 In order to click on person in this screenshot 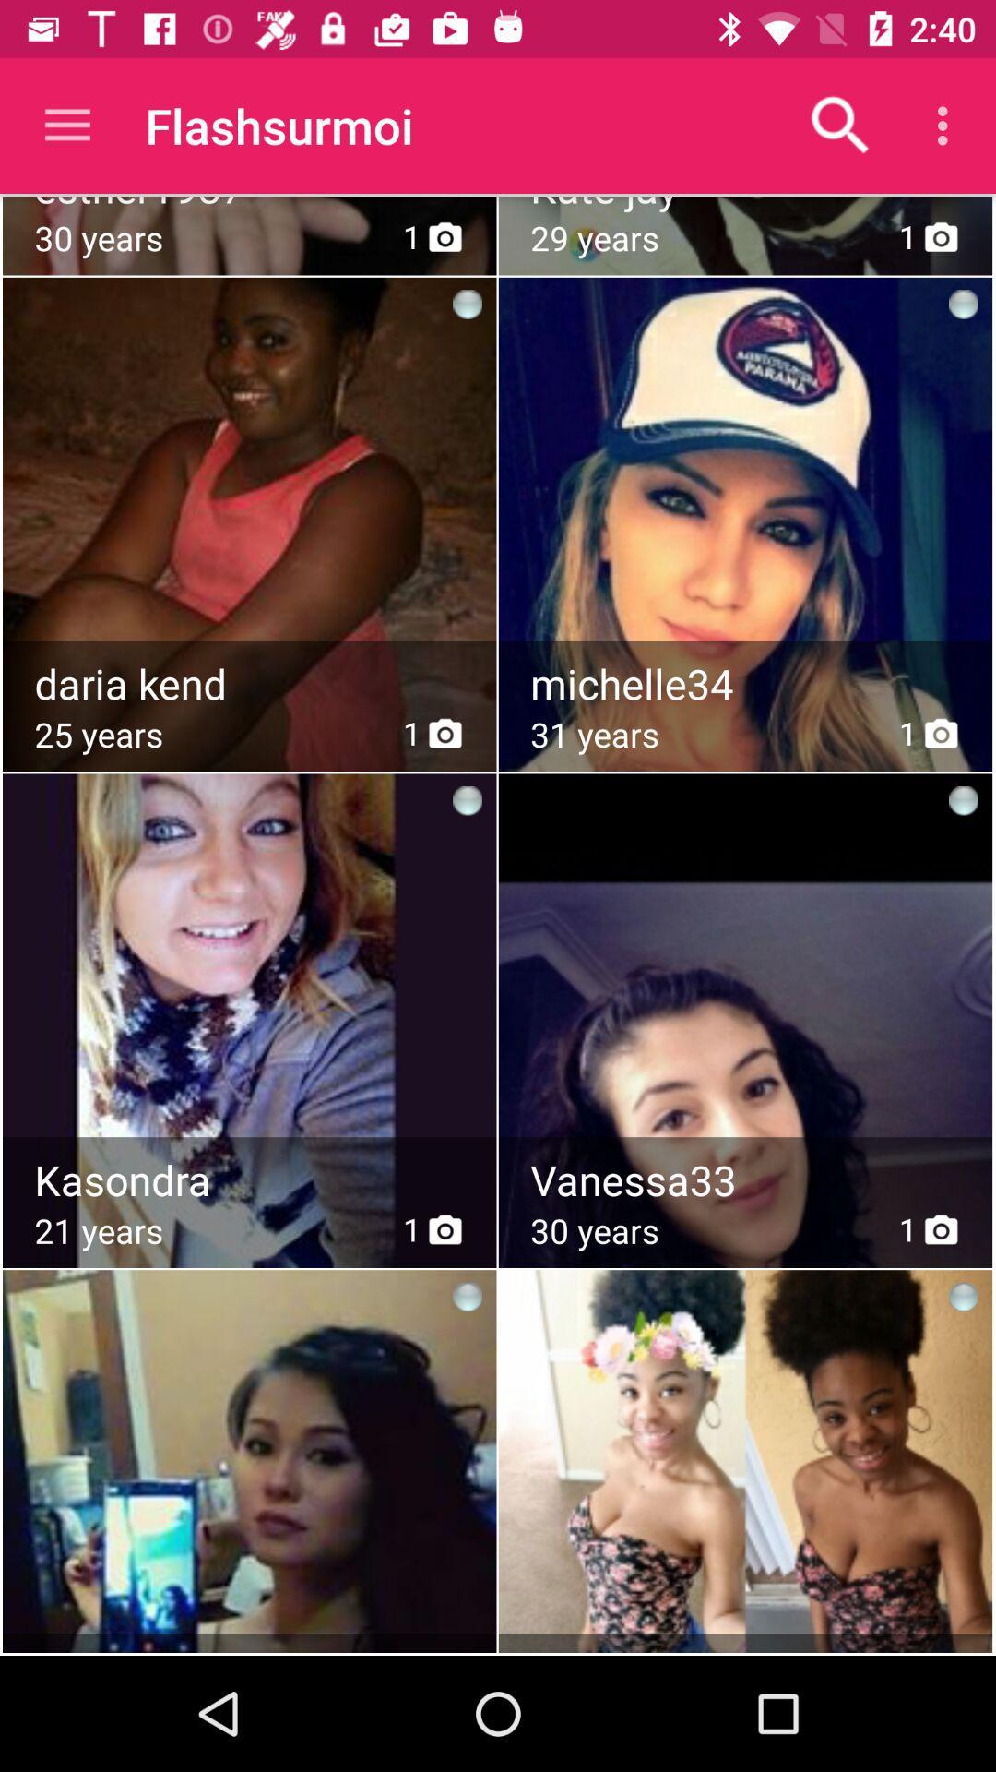, I will do `click(249, 974)`.